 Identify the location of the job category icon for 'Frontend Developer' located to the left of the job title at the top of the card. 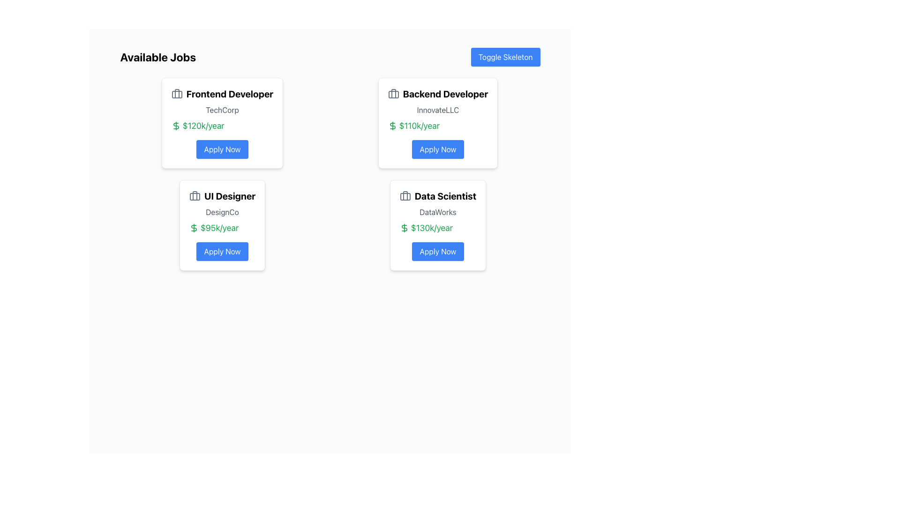
(177, 94).